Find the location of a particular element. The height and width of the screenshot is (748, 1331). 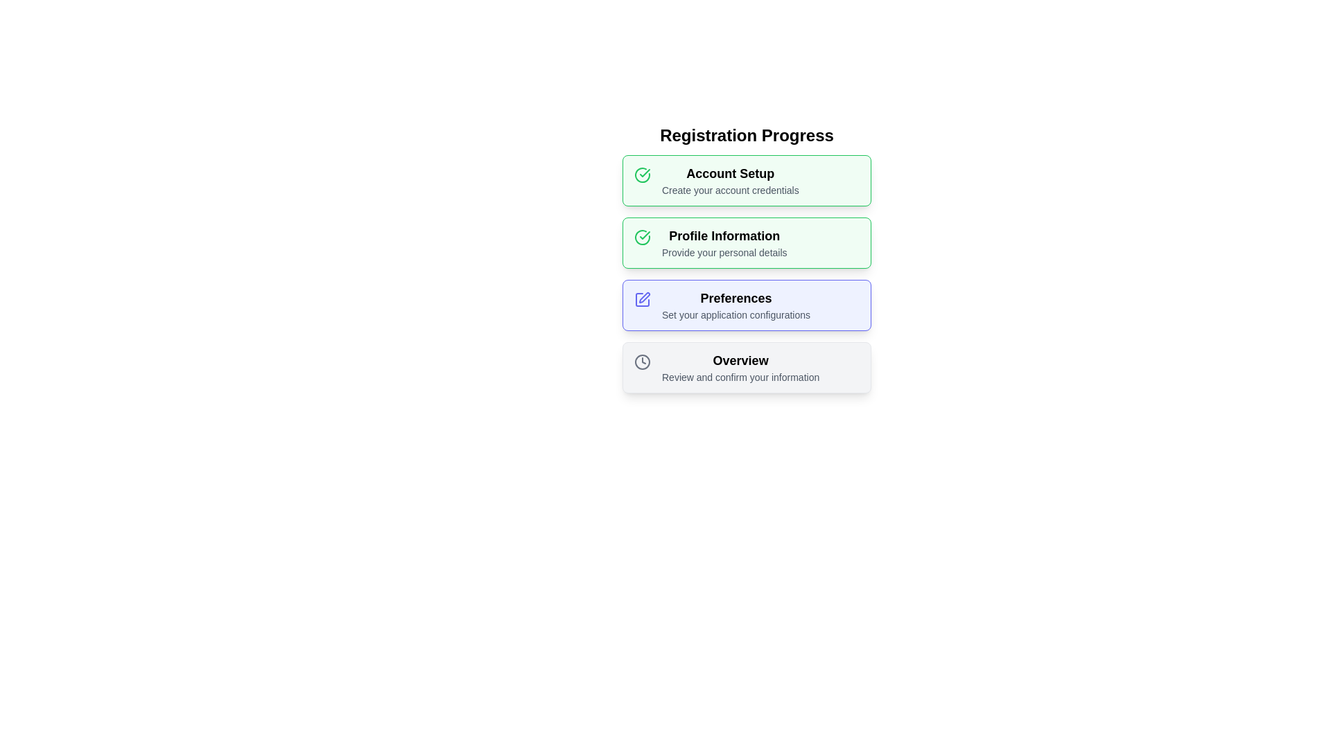

the green checkmark icon indicating a completed task located at the top-left corner of the 'Account Setup' notification card is located at coordinates (641, 172).